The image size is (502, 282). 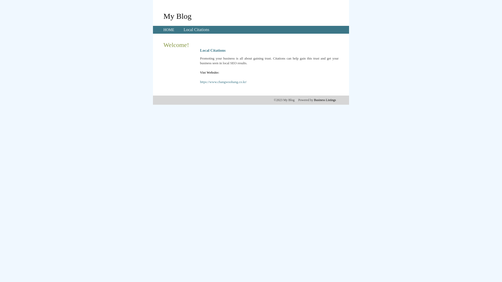 I want to click on 'HOME', so click(x=169, y=30).